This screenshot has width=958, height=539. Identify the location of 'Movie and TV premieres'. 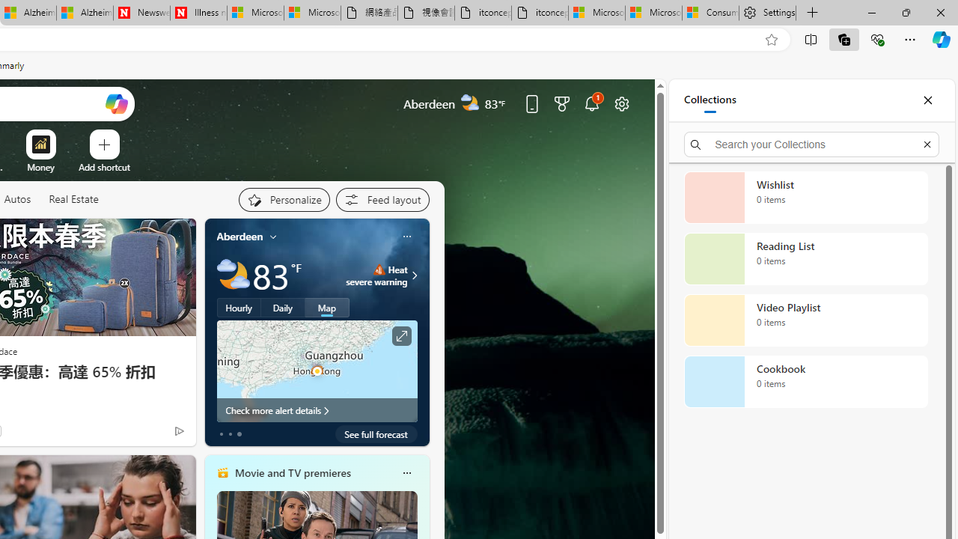
(293, 472).